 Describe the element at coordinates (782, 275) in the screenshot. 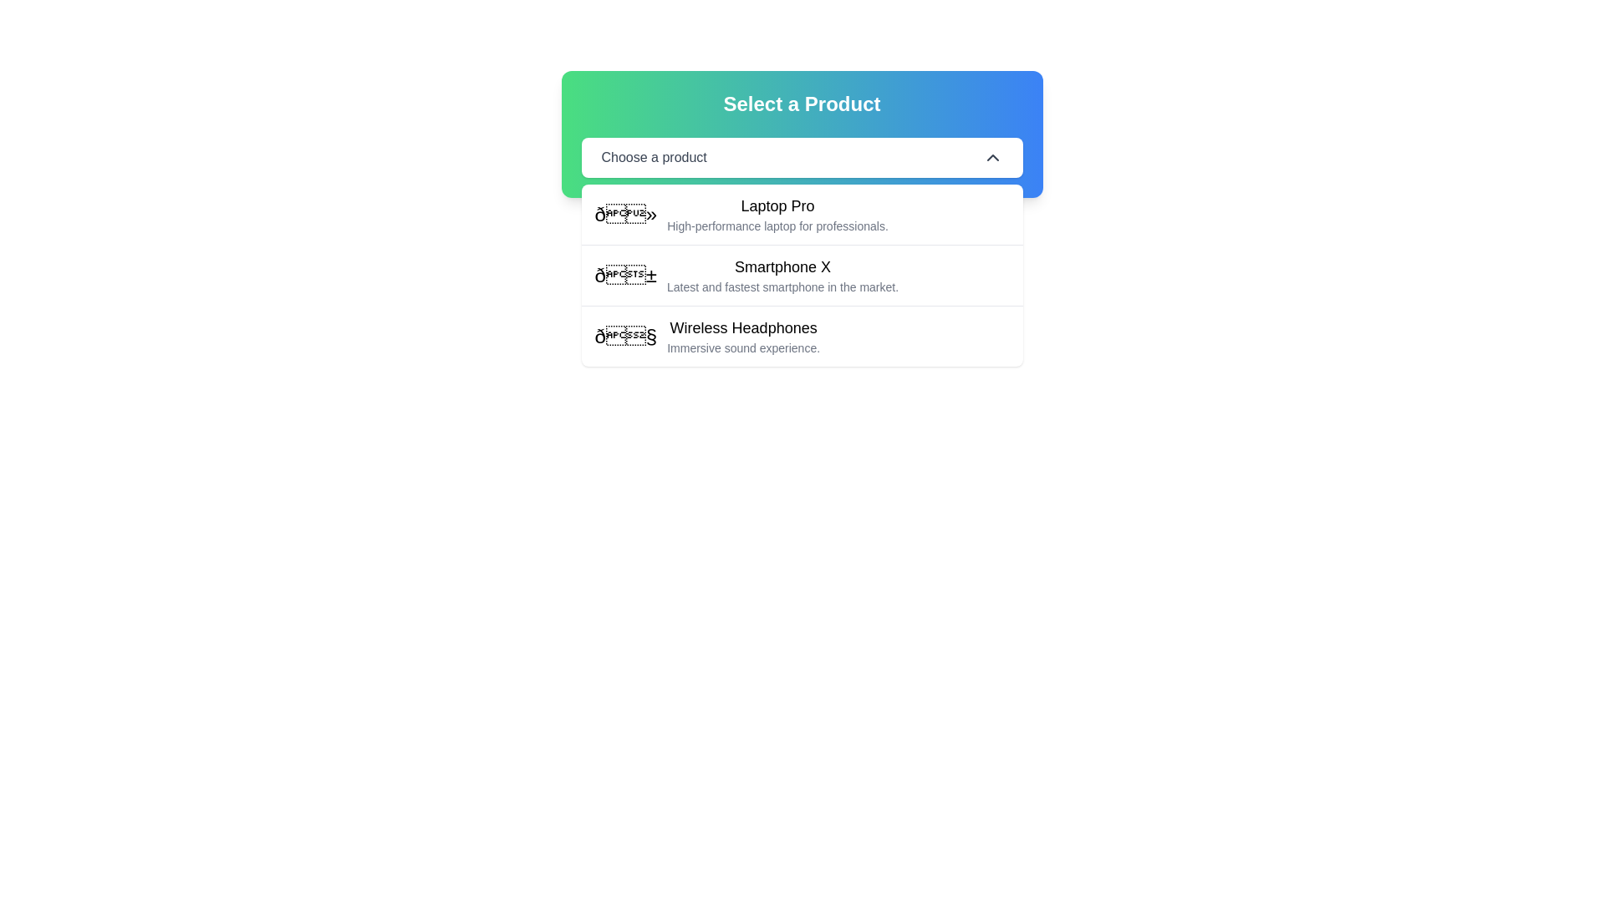

I see `the second list item in the dropdown menu that contains the text 'Smartphone X'` at that location.